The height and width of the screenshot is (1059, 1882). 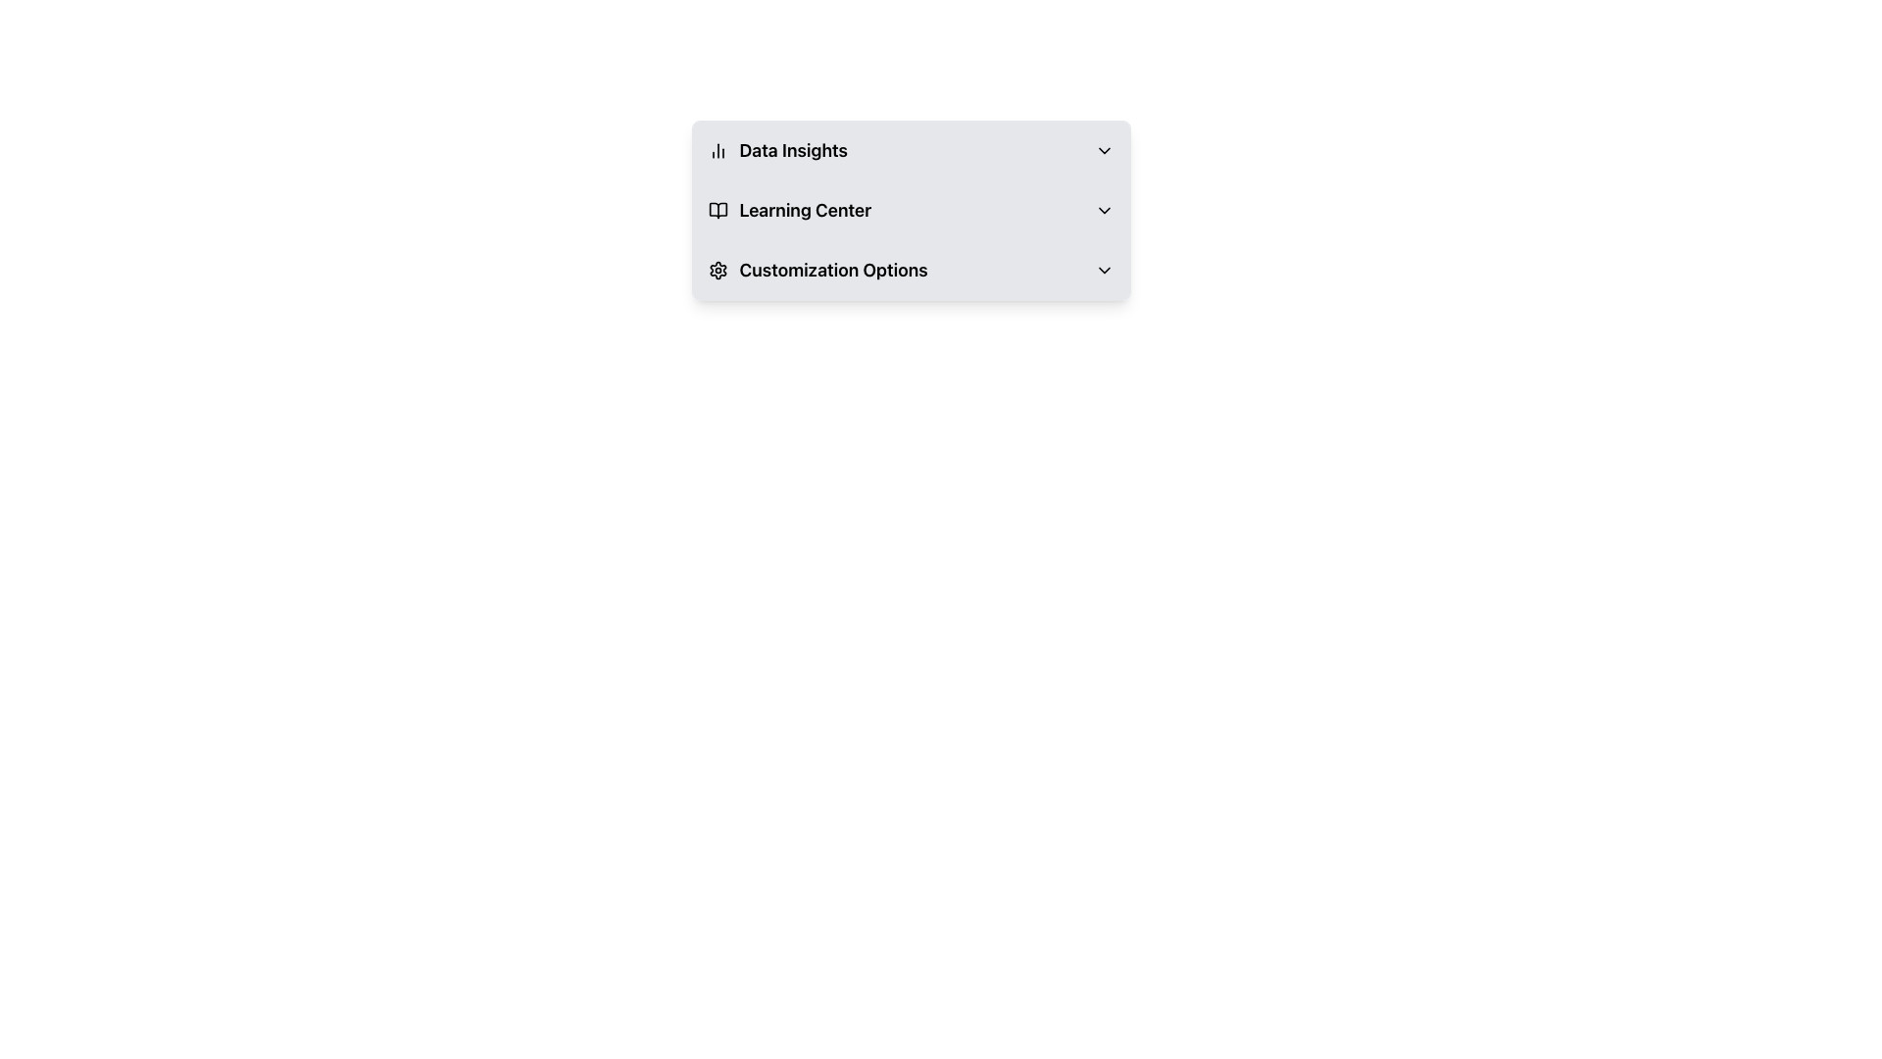 What do you see at coordinates (910, 211) in the screenshot?
I see `the second entry in the vertical list of menu items` at bounding box center [910, 211].